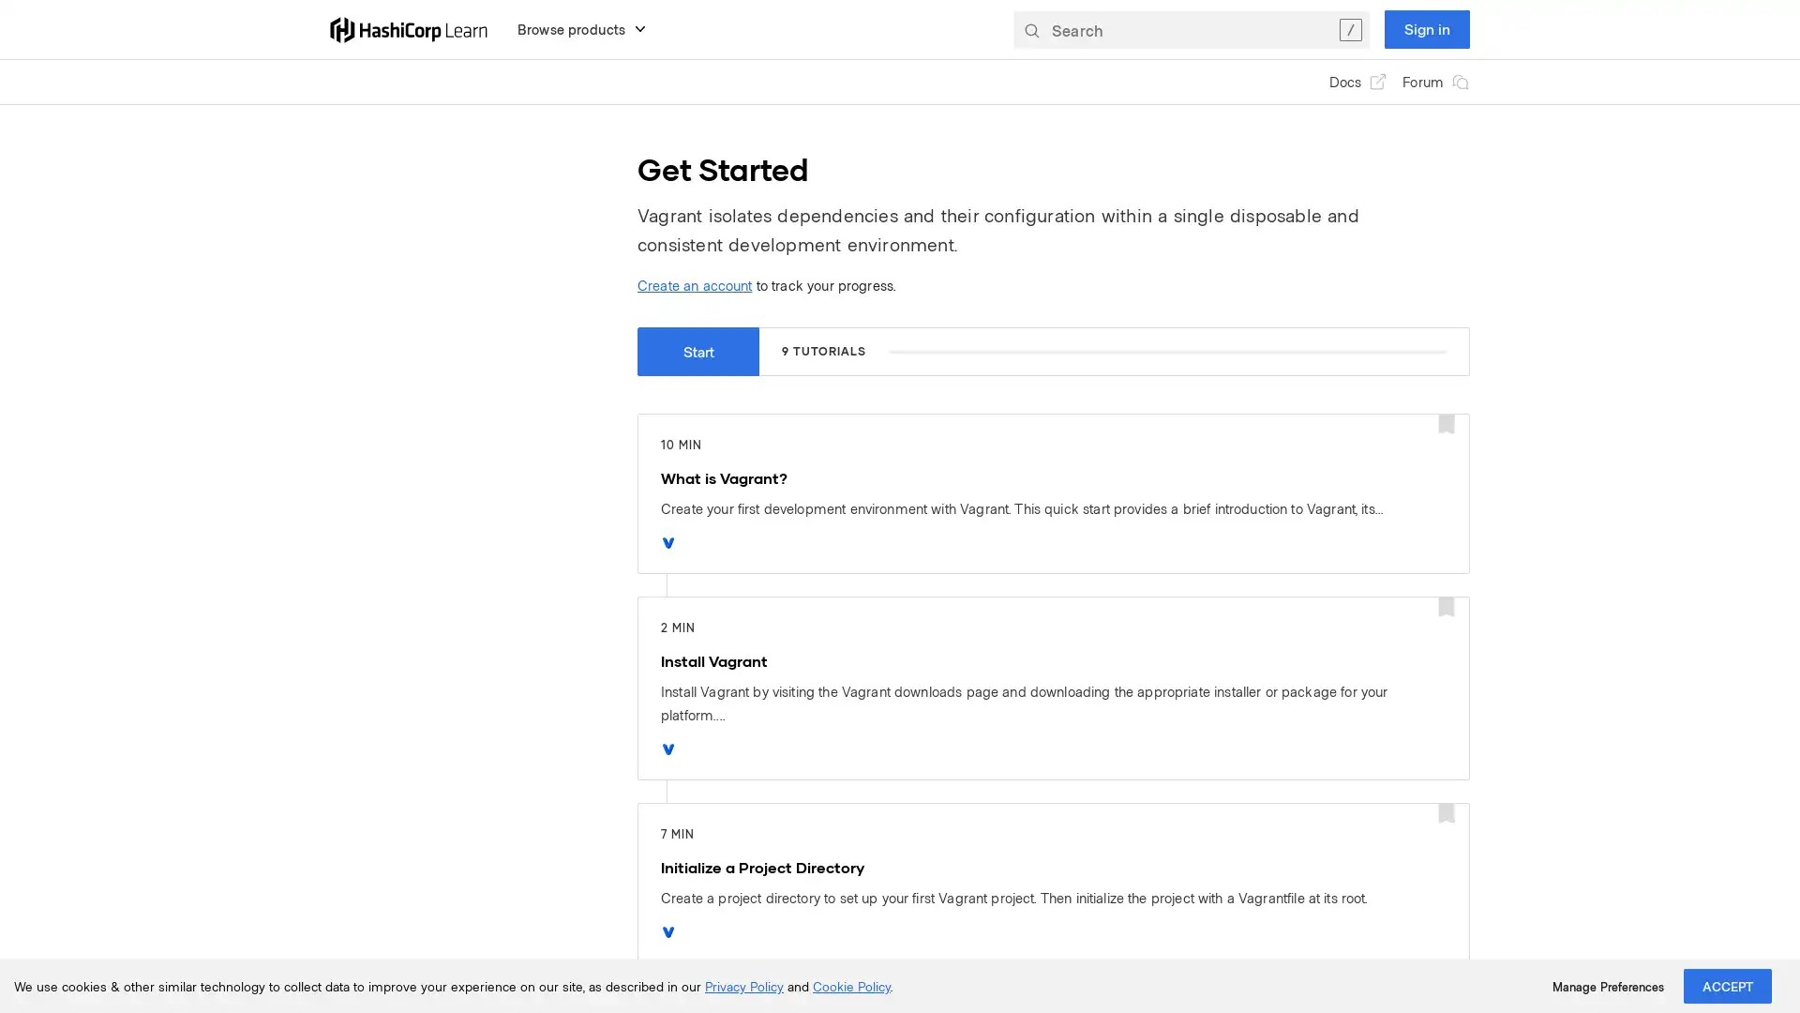 This screenshot has width=1800, height=1013. I want to click on Add bookmark for: What is Vagrant?, so click(1445, 425).